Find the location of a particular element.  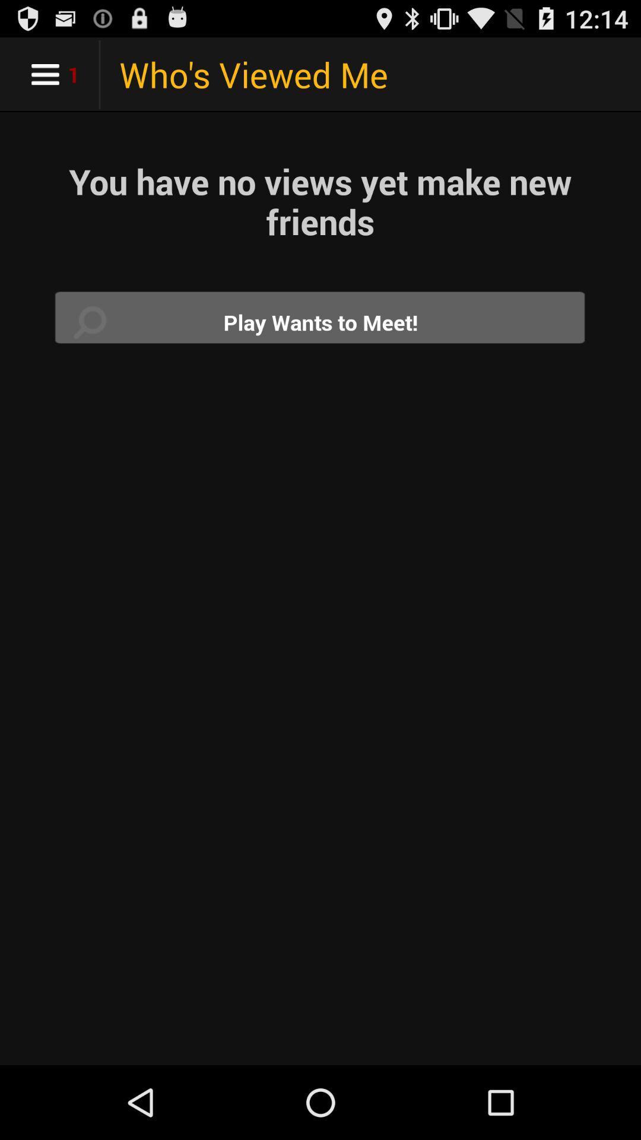

play wants to meet is located at coordinates (320, 322).